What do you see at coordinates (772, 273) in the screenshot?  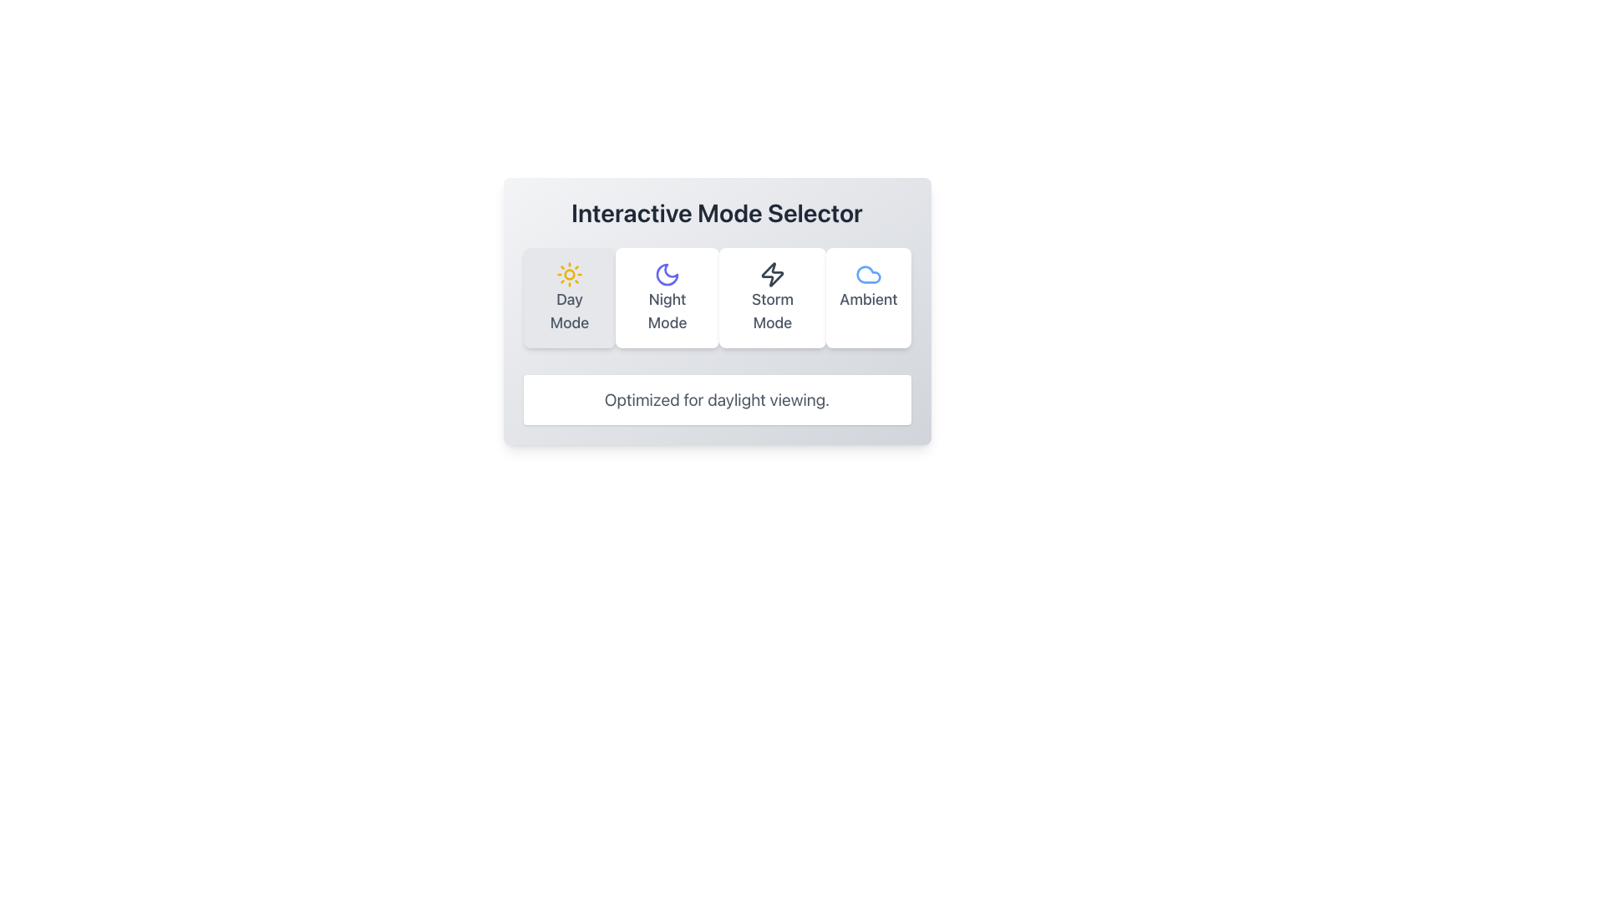 I see `the lightning bolt icon representing the 'Storm Mode' option within the mode selector interface, located in the third position from the left` at bounding box center [772, 273].